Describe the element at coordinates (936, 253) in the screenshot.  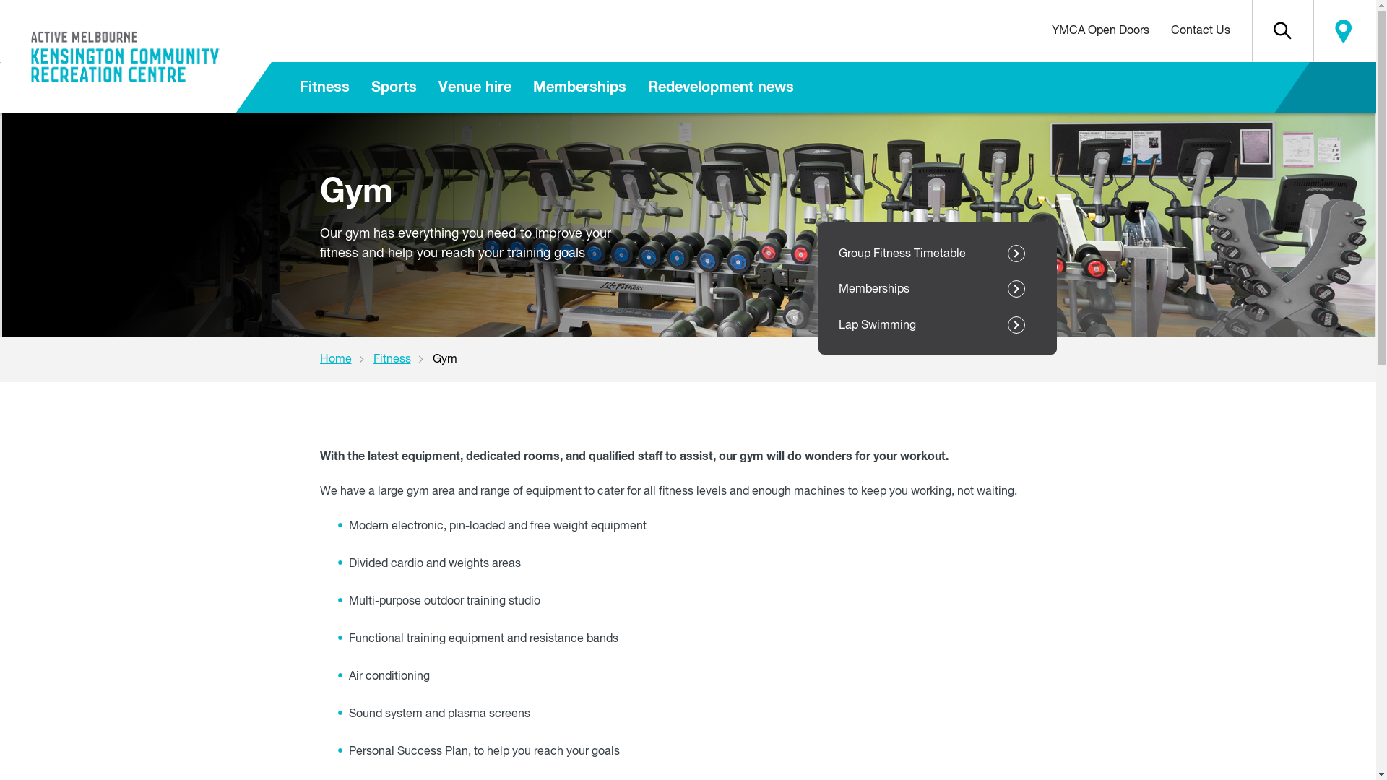
I see `'Group Fitness Timetable'` at that location.